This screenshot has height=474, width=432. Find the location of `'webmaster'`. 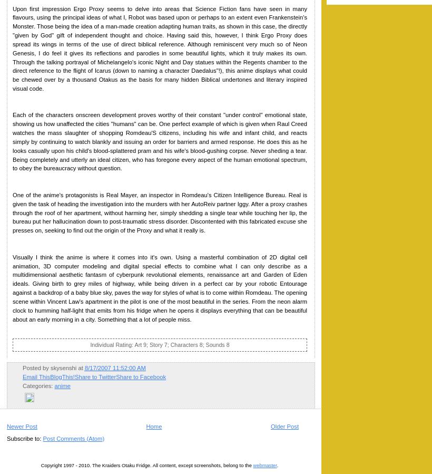

'webmaster' is located at coordinates (264, 465).